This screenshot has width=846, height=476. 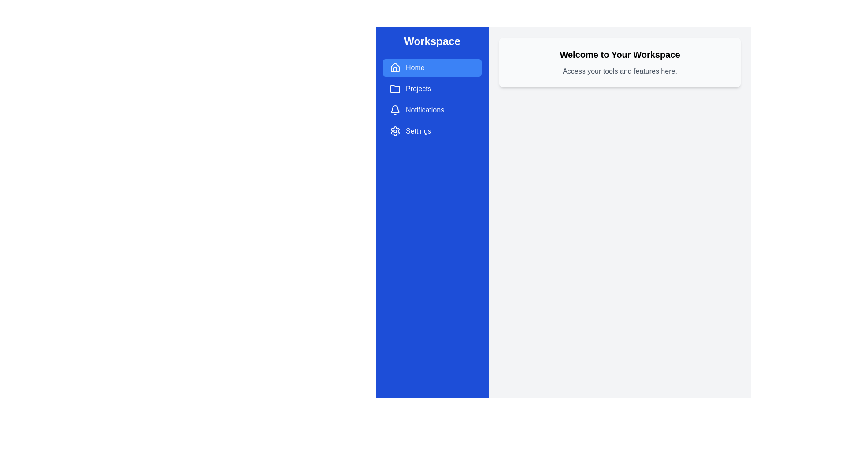 I want to click on the 'Notifications' button, which is the third item in the vertical list of navigation buttons in the left sidebar, positioned below the 'Projects' button and above the 'Settings' button, so click(x=432, y=110).